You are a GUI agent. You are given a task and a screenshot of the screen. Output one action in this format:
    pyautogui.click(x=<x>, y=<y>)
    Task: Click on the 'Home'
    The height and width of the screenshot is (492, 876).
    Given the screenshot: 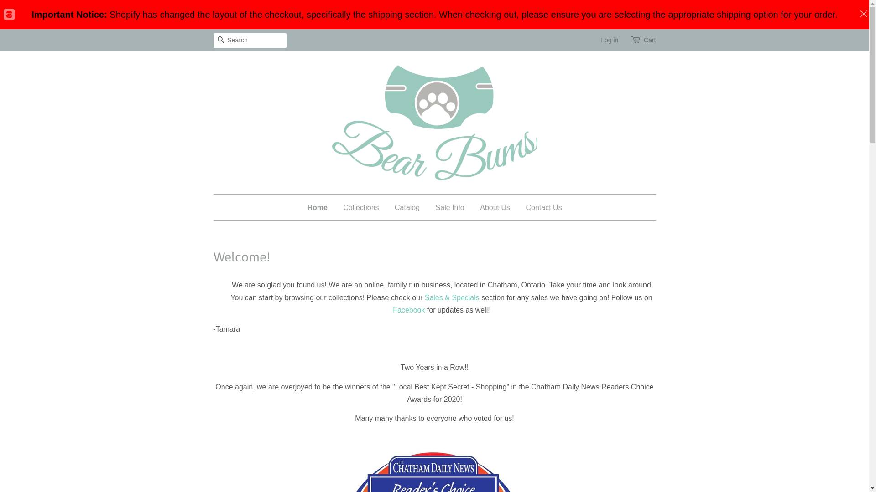 What is the action you would take?
    pyautogui.click(x=320, y=207)
    